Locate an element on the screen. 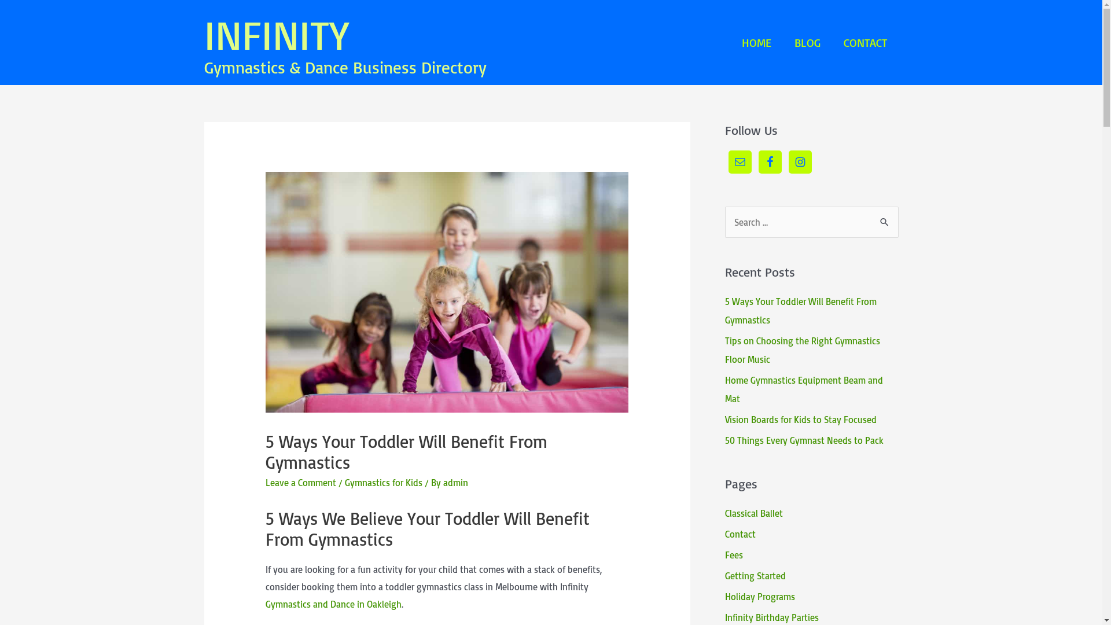 This screenshot has width=1111, height=625. 'BLOG' is located at coordinates (806, 42).